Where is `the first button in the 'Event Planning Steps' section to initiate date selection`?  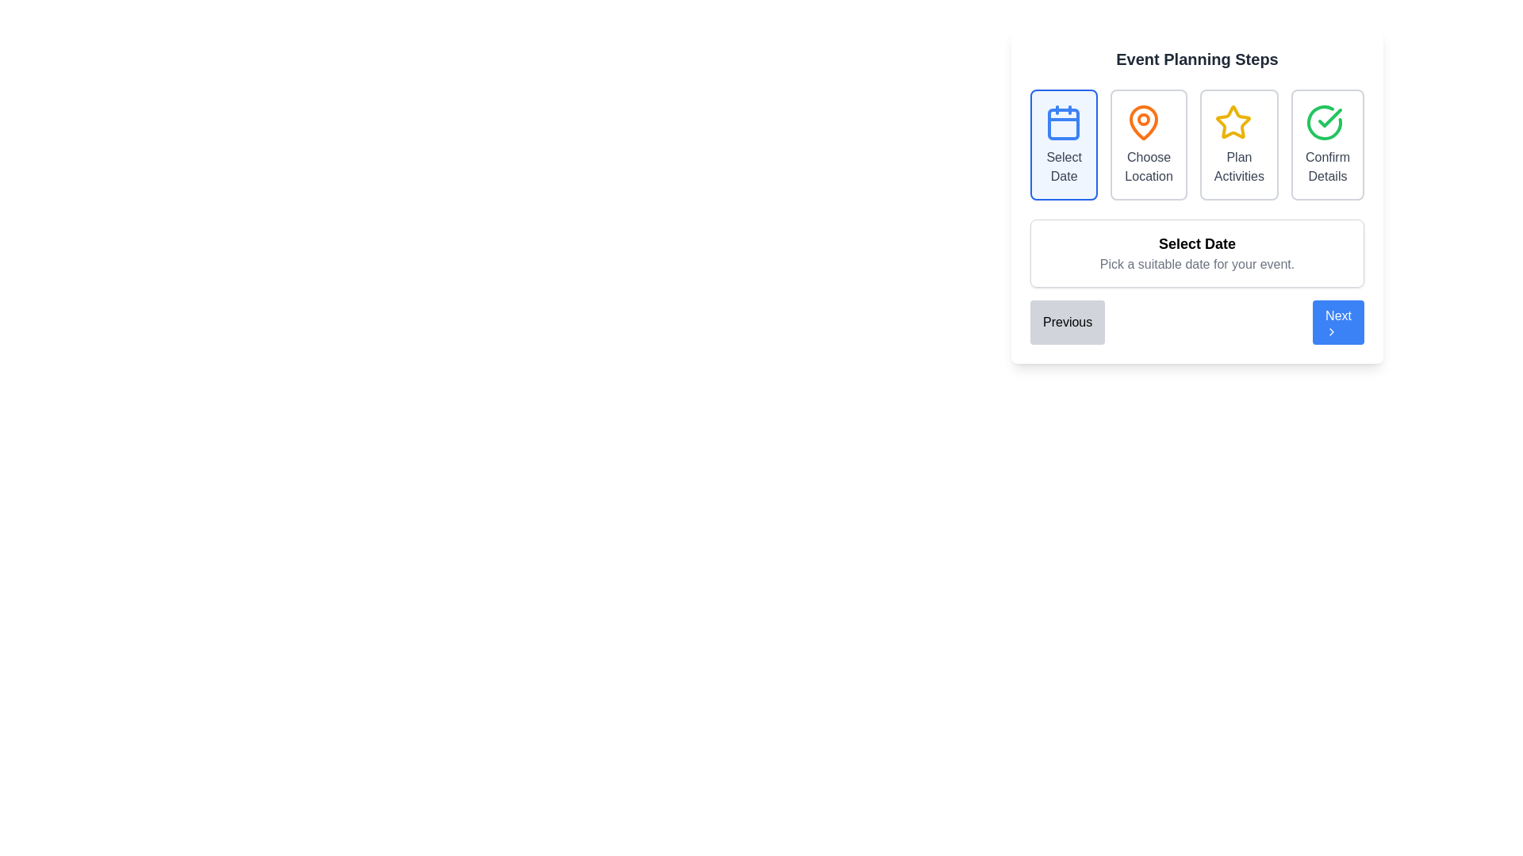
the first button in the 'Event Planning Steps' section to initiate date selection is located at coordinates (1064, 144).